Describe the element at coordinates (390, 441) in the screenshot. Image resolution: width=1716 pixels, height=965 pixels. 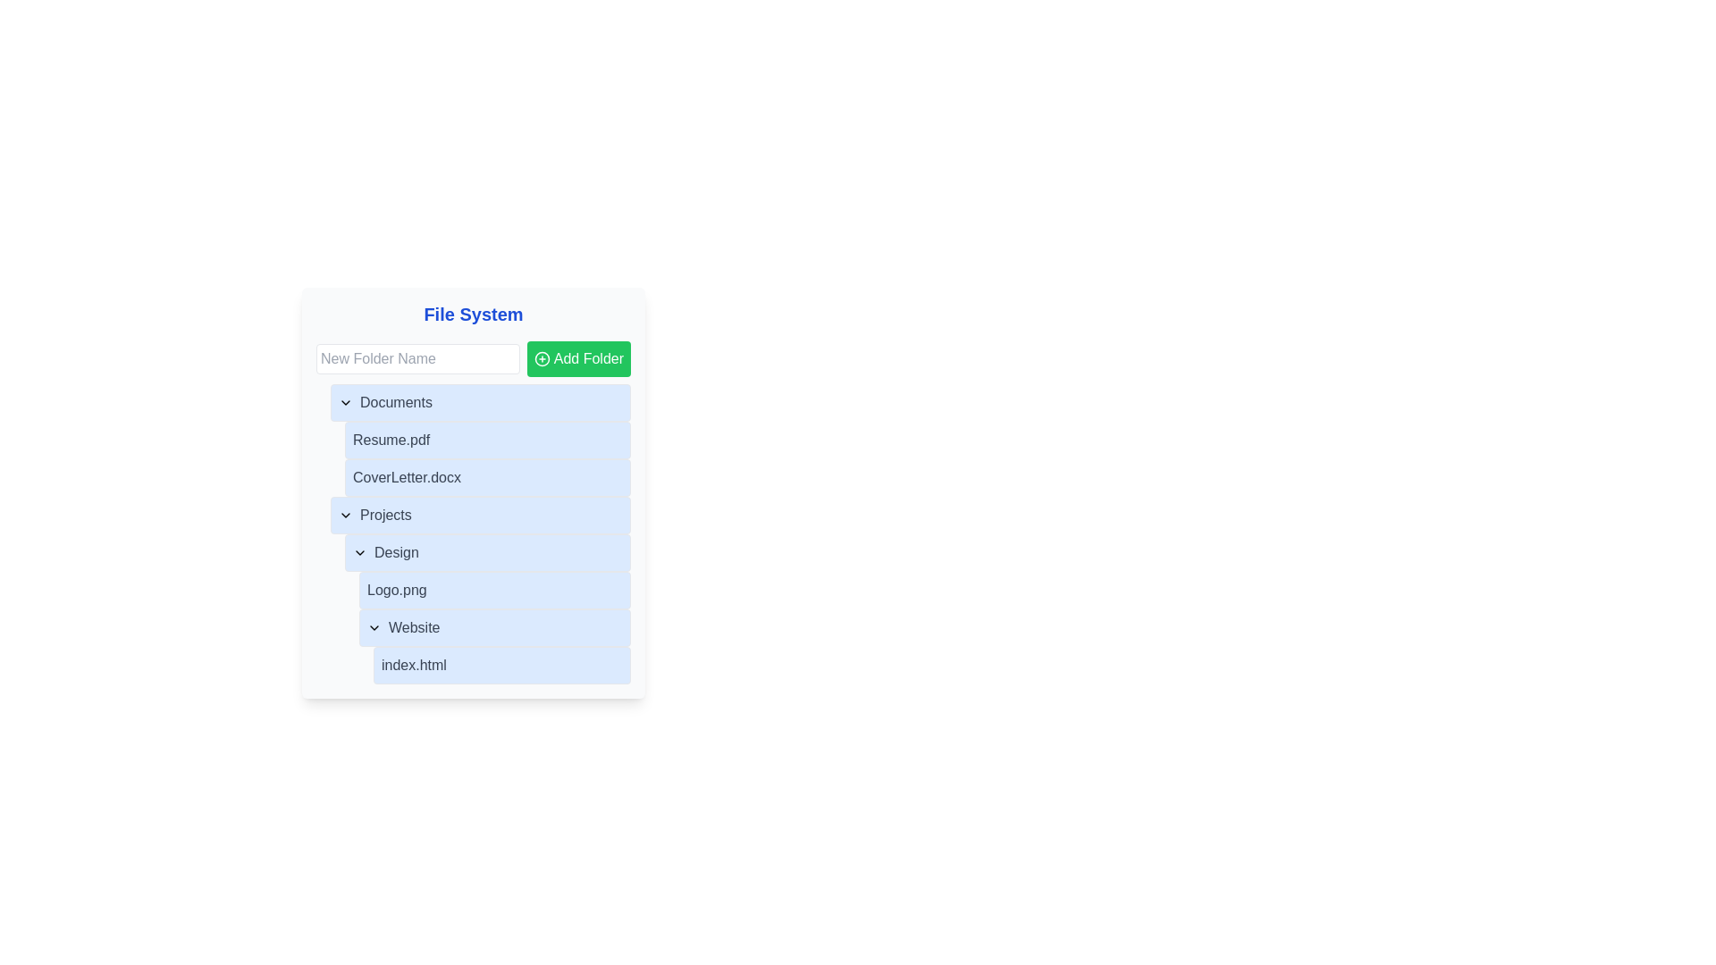
I see `the text label displaying 'Resume.pdf'` at that location.